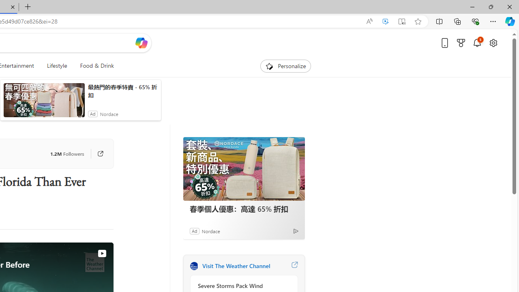 This screenshot has width=519, height=292. I want to click on 'Visit The Weather Channel website', so click(294, 266).